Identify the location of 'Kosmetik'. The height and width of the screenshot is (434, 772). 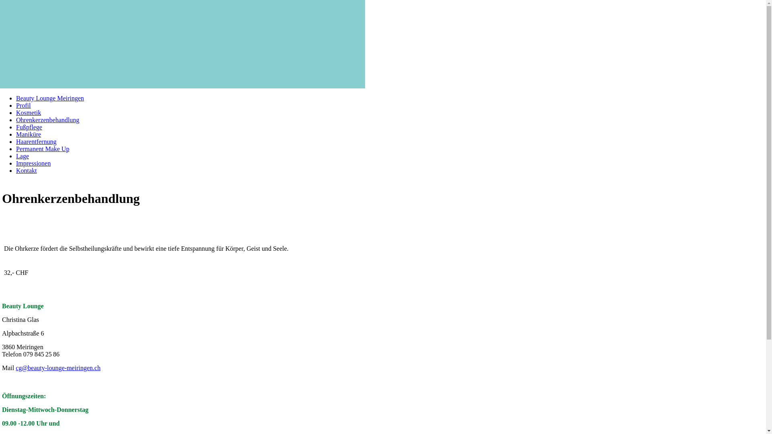
(29, 113).